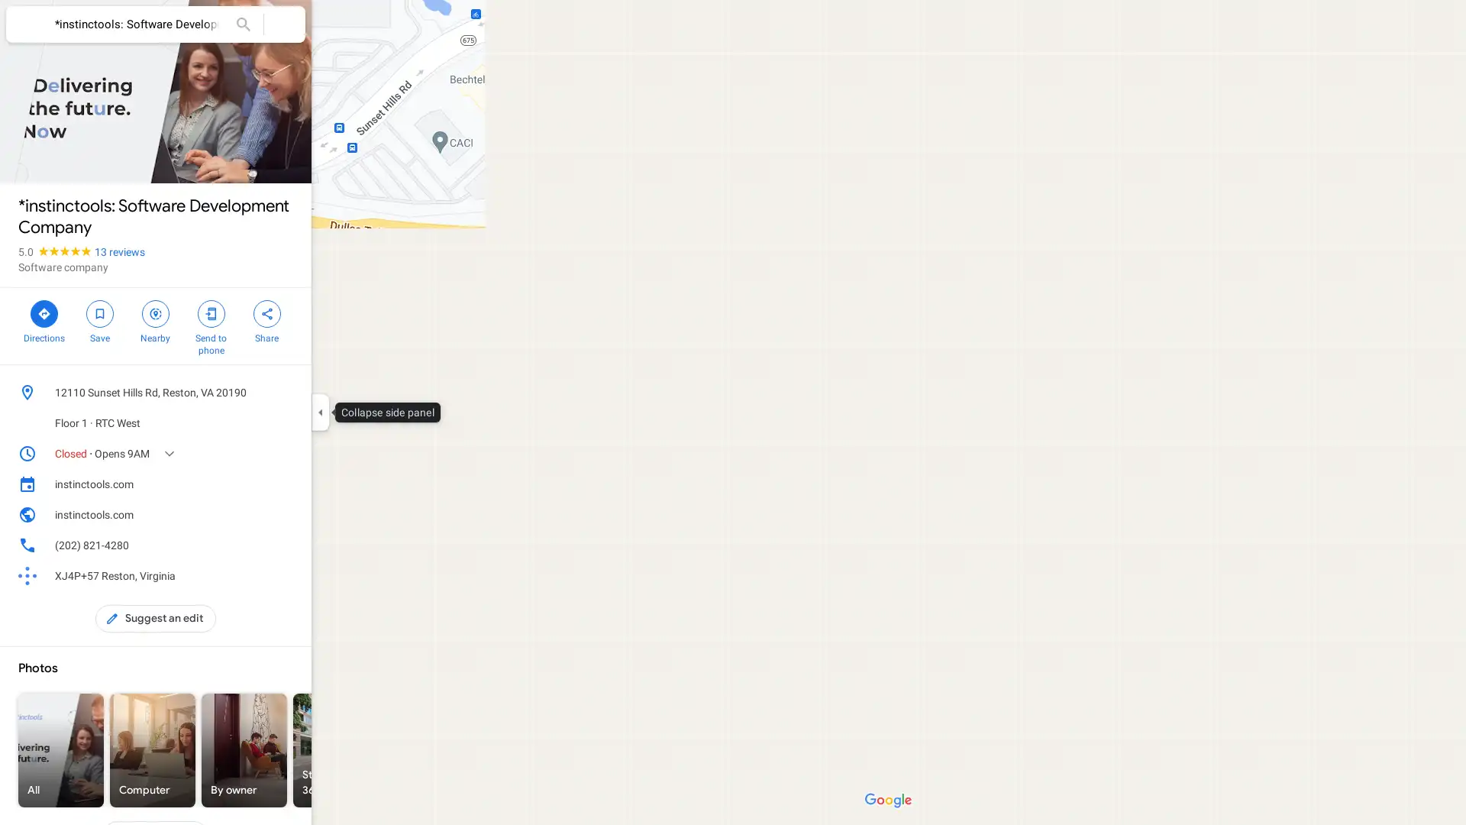 This screenshot has width=1466, height=825. What do you see at coordinates (285, 24) in the screenshot?
I see `Clear search` at bounding box center [285, 24].